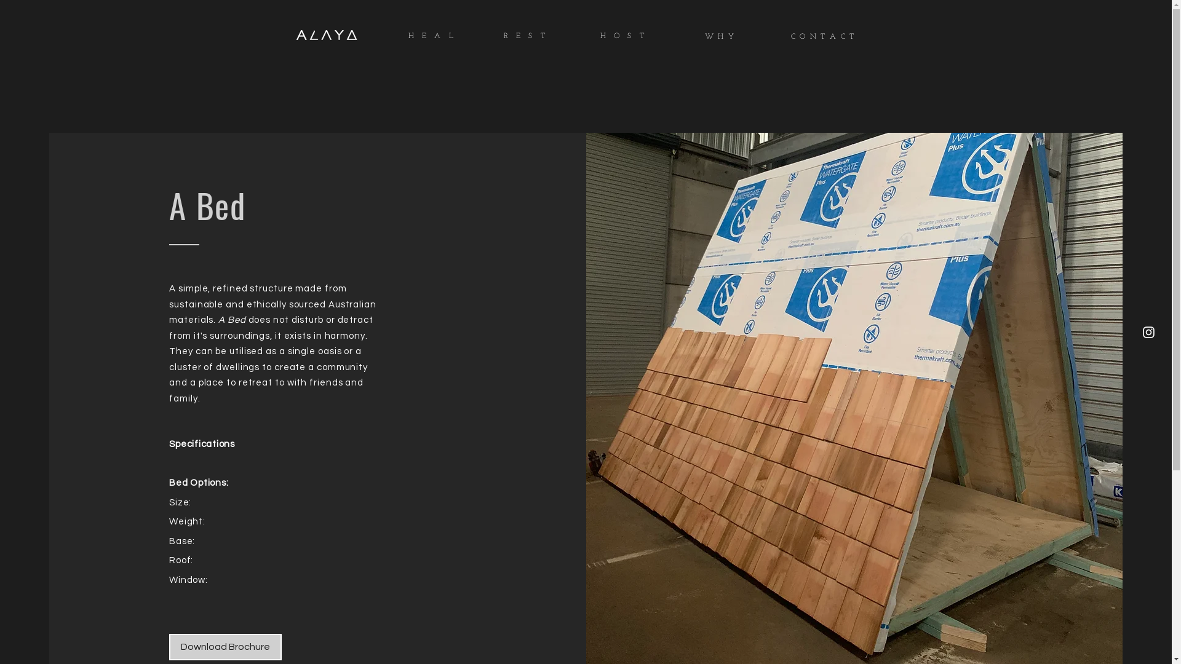 Image resolution: width=1181 pixels, height=664 pixels. Describe the element at coordinates (431, 34) in the screenshot. I see `'H  E  A  L'` at that location.